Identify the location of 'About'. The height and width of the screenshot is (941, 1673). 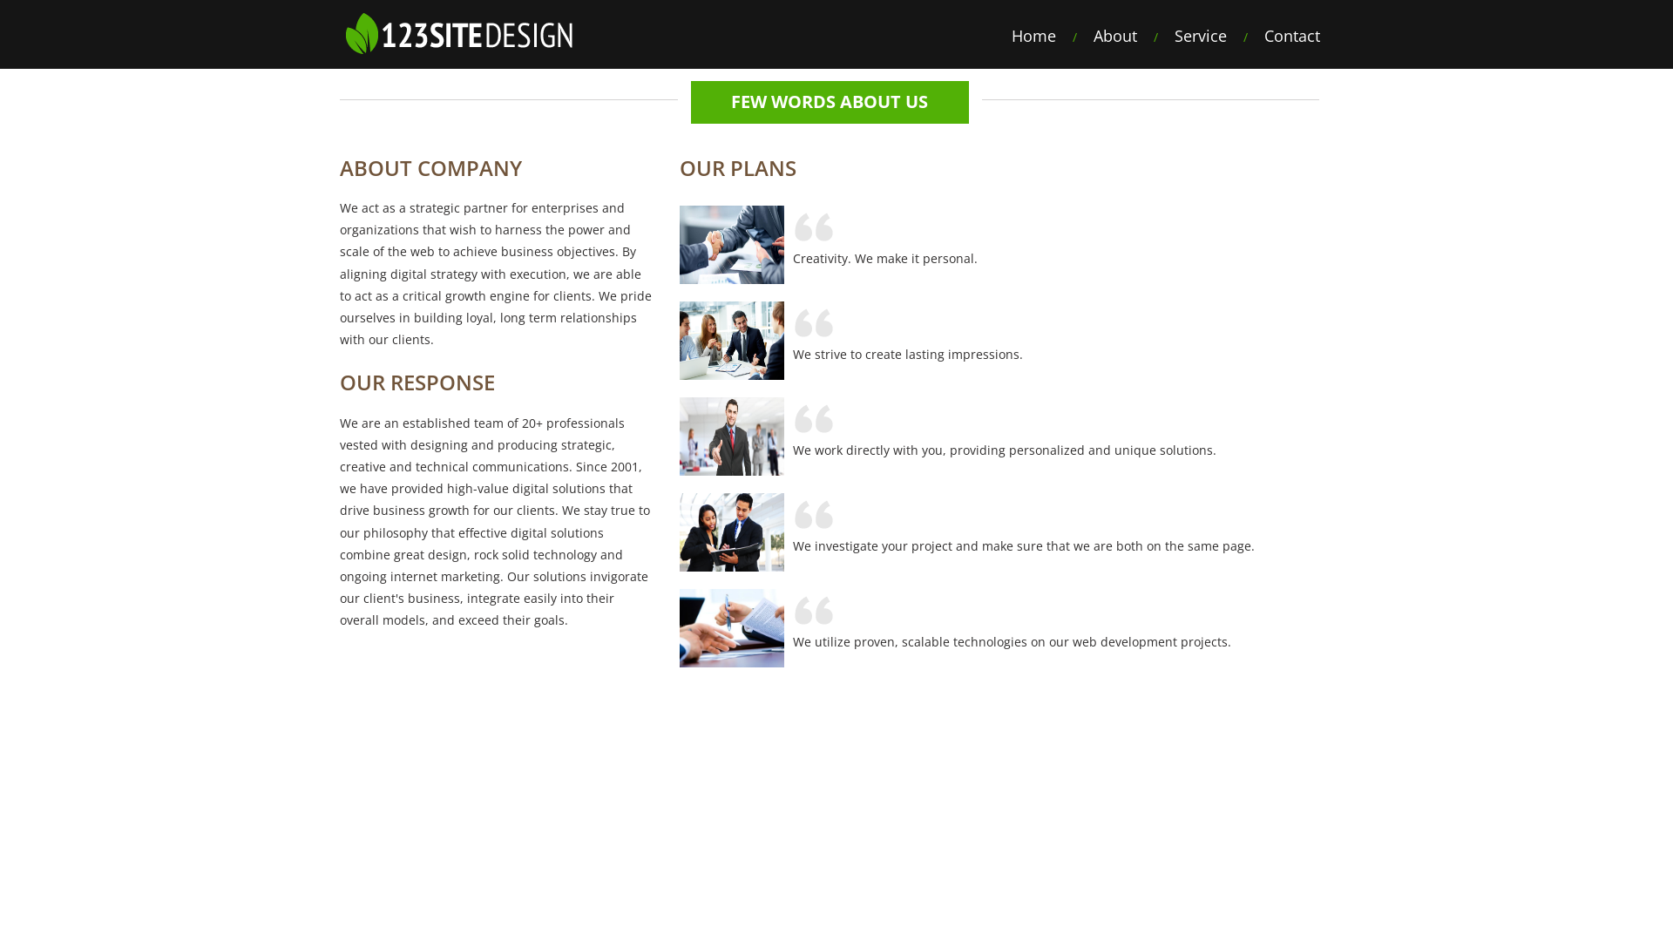
(1115, 37).